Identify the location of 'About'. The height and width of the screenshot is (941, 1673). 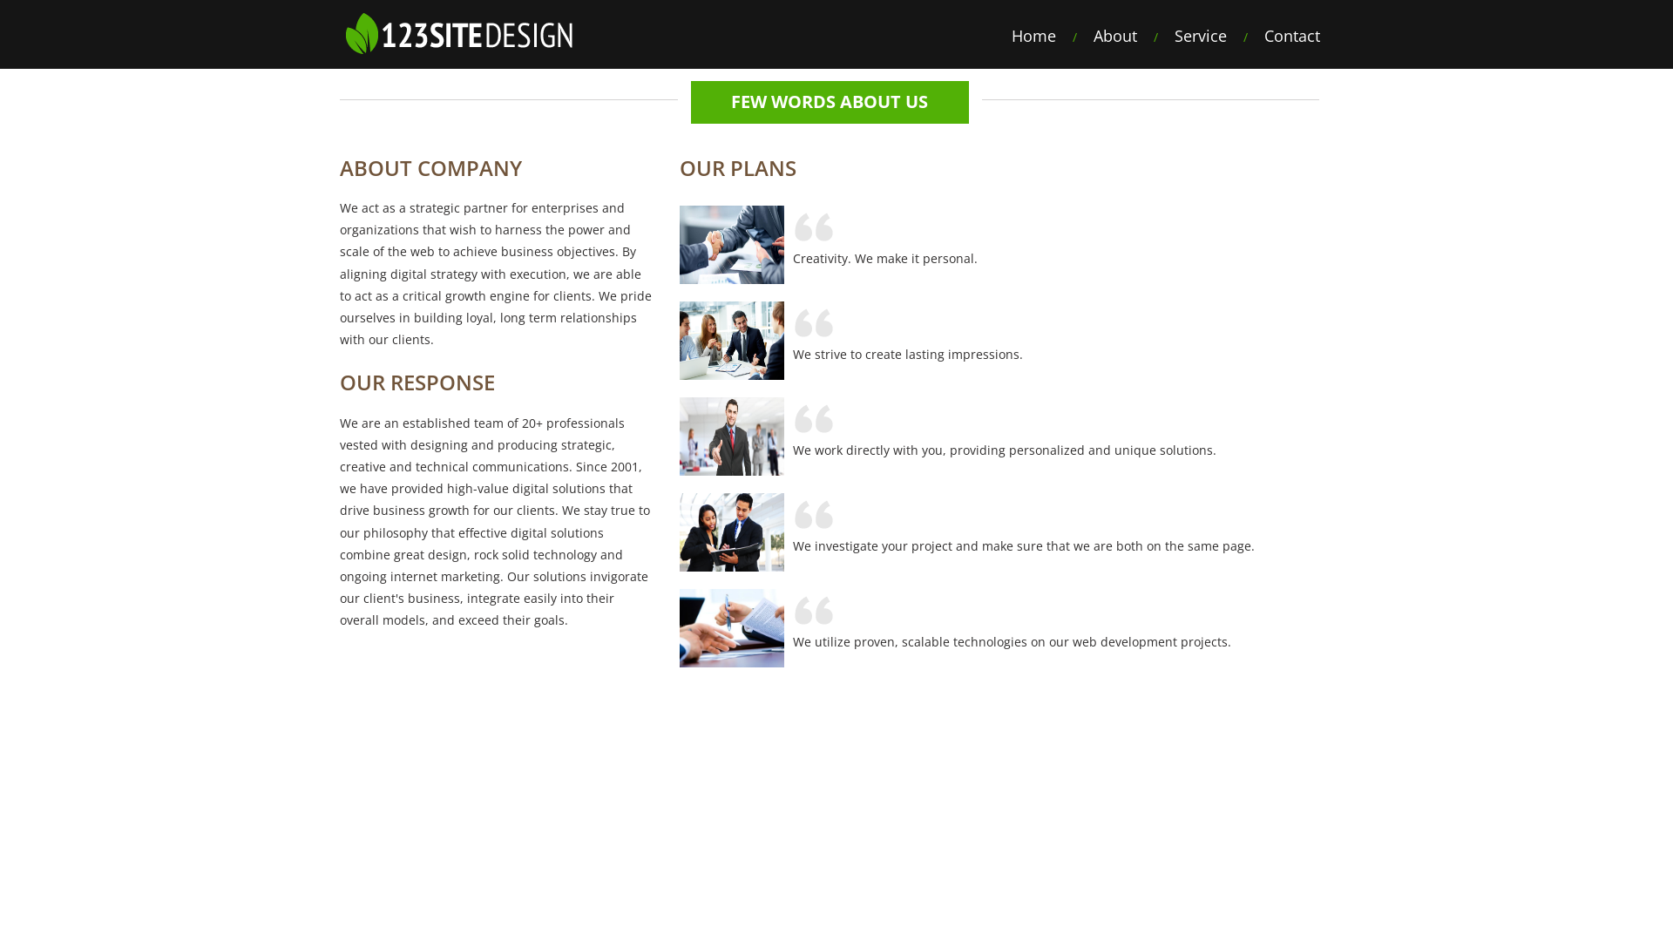
(1115, 37).